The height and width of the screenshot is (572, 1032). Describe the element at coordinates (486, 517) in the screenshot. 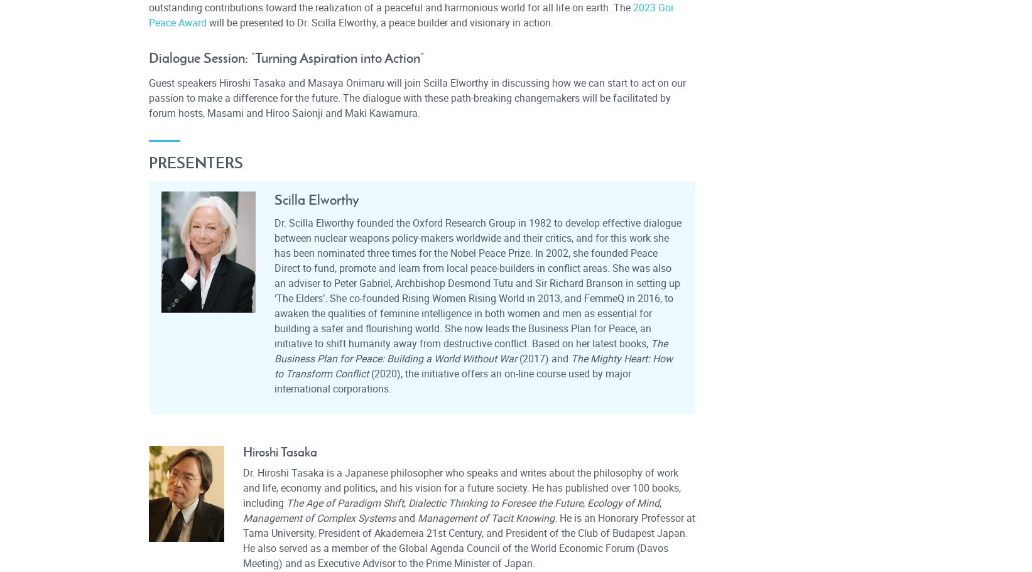

I see `'Management of Tacit Knowing'` at that location.